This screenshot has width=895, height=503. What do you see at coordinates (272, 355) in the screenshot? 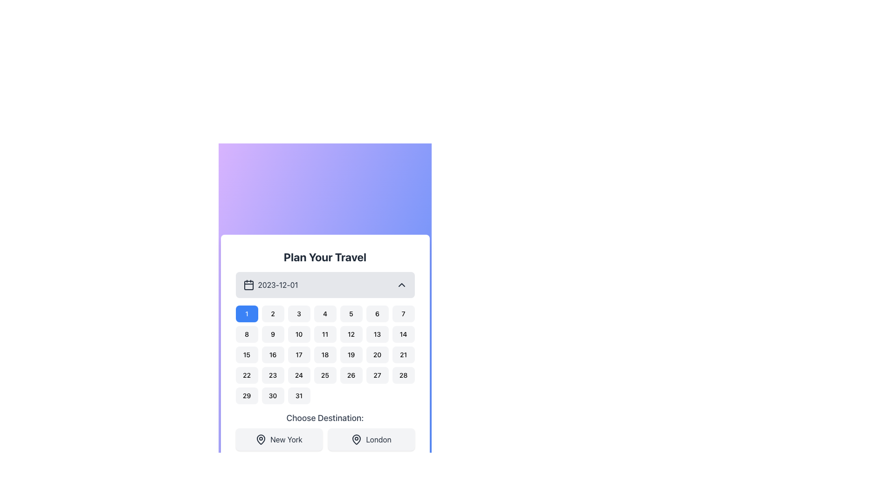
I see `the button displaying '16' in black font on a light gray background, which is part of a calendar grid layout` at bounding box center [272, 355].